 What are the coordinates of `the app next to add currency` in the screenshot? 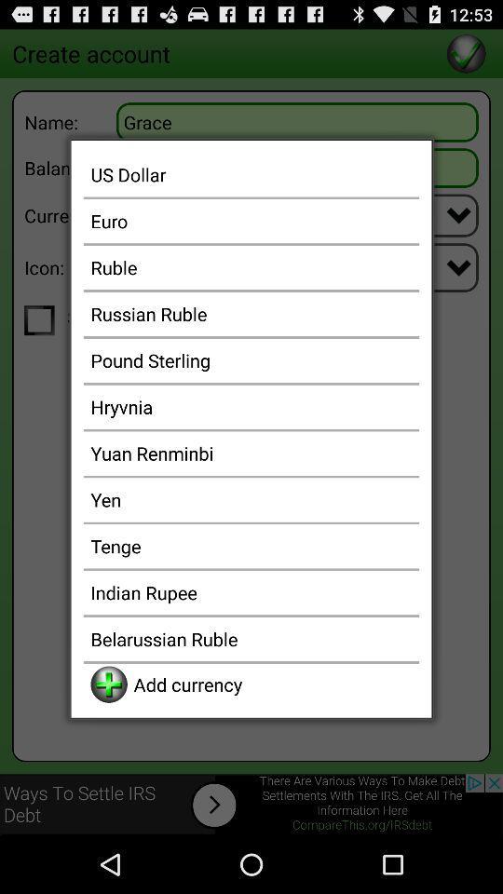 It's located at (109, 684).